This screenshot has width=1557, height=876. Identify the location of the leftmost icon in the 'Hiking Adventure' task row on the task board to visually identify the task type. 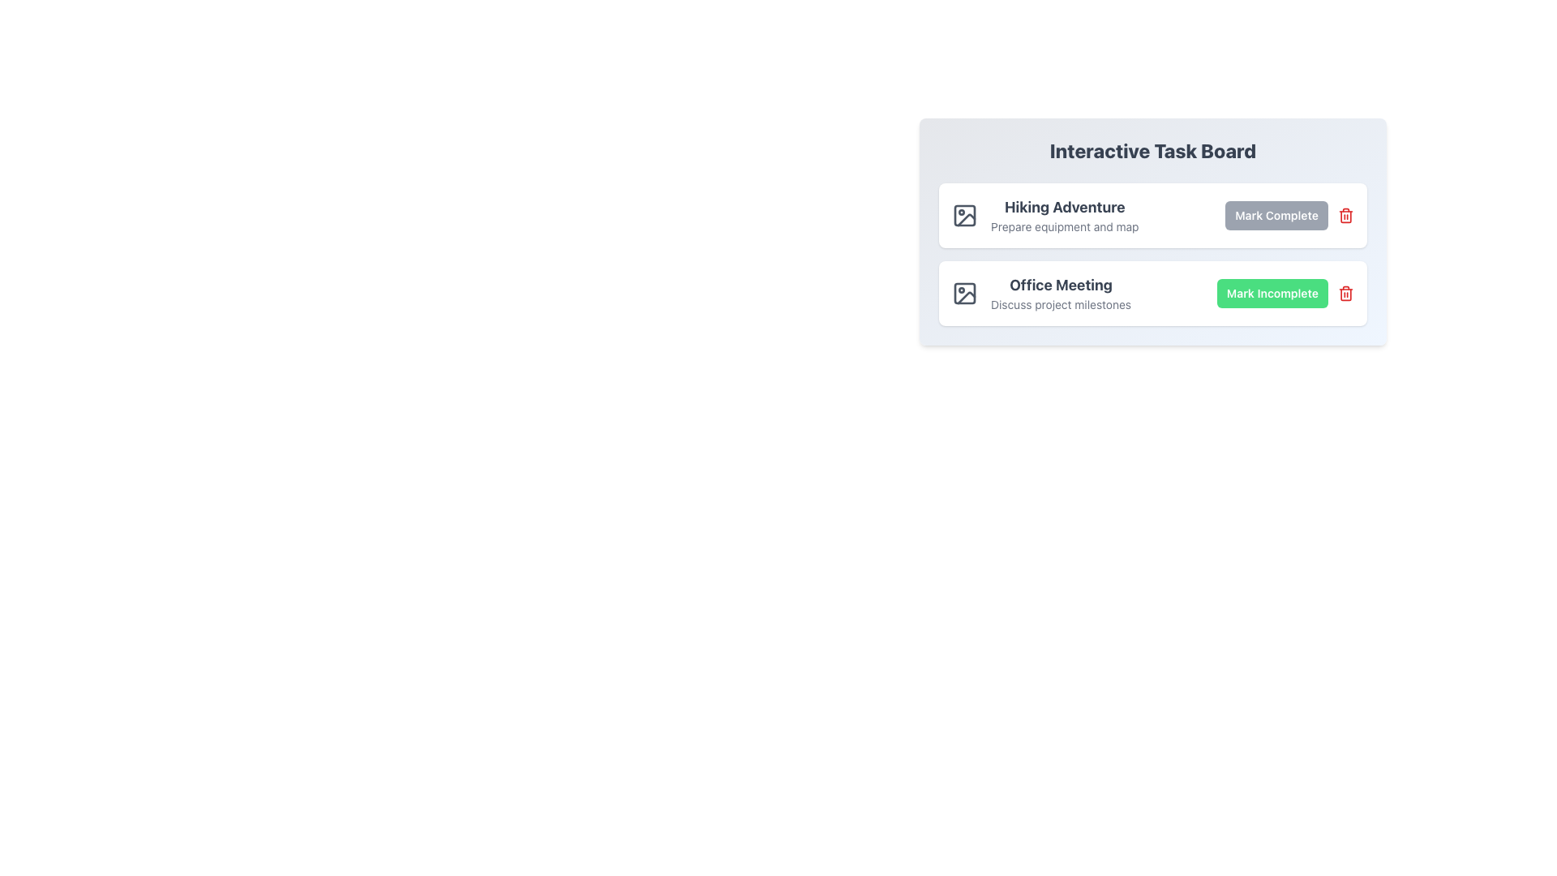
(965, 215).